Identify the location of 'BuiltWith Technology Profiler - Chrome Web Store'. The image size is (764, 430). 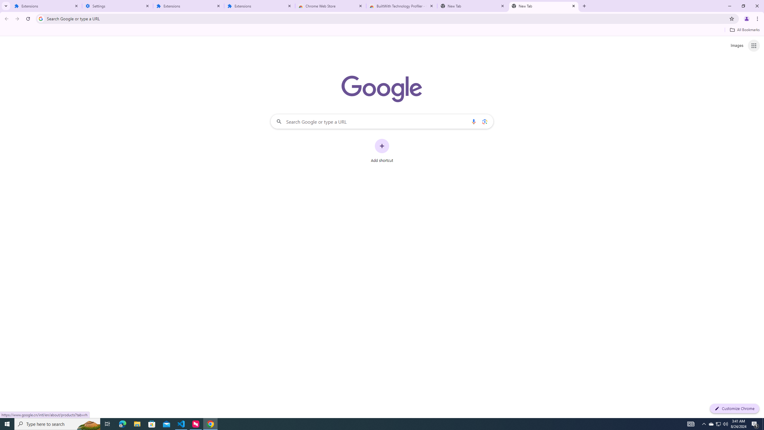
(401, 6).